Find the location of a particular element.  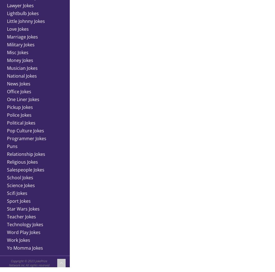

'Misc Jokes' is located at coordinates (17, 52).